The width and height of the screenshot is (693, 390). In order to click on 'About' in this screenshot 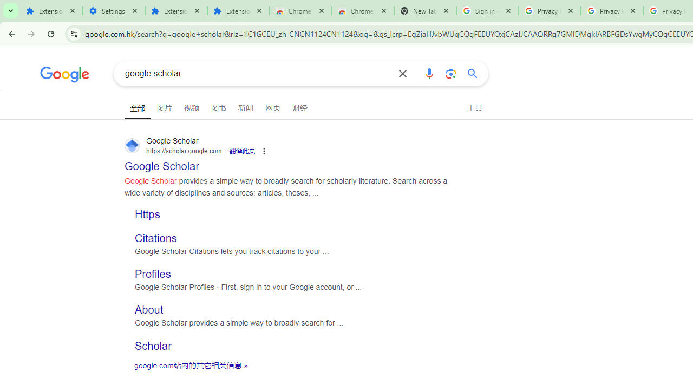, I will do `click(148, 310)`.